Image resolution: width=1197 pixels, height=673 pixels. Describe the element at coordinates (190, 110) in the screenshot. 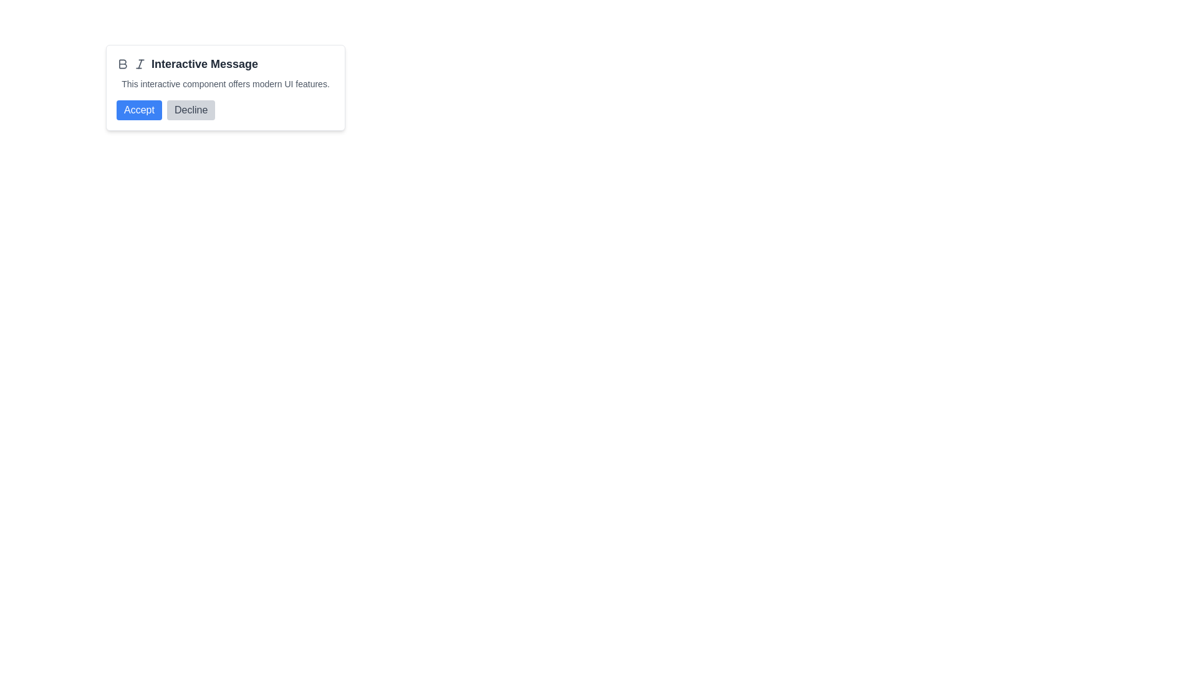

I see `the 'Decline' button, a rectangular button with gray background and rounded corners, located to the right of the 'Accept' button in the message box layout` at that location.